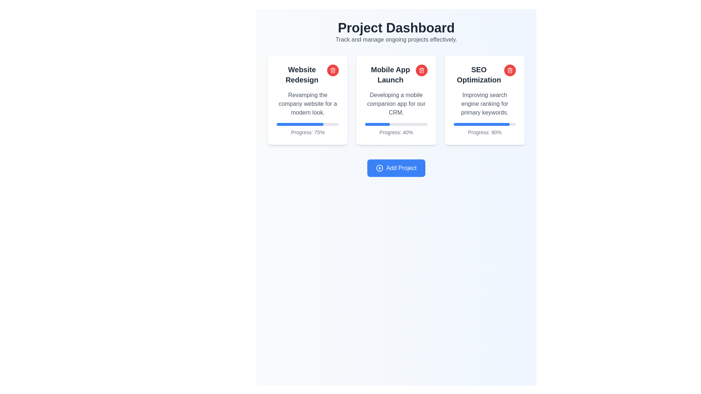 The width and height of the screenshot is (701, 394). I want to click on the progress fill bar of the 'Mobile App Launch' task that visually displays 40% progress, located above the 'Progress: 40%' label, so click(378, 124).